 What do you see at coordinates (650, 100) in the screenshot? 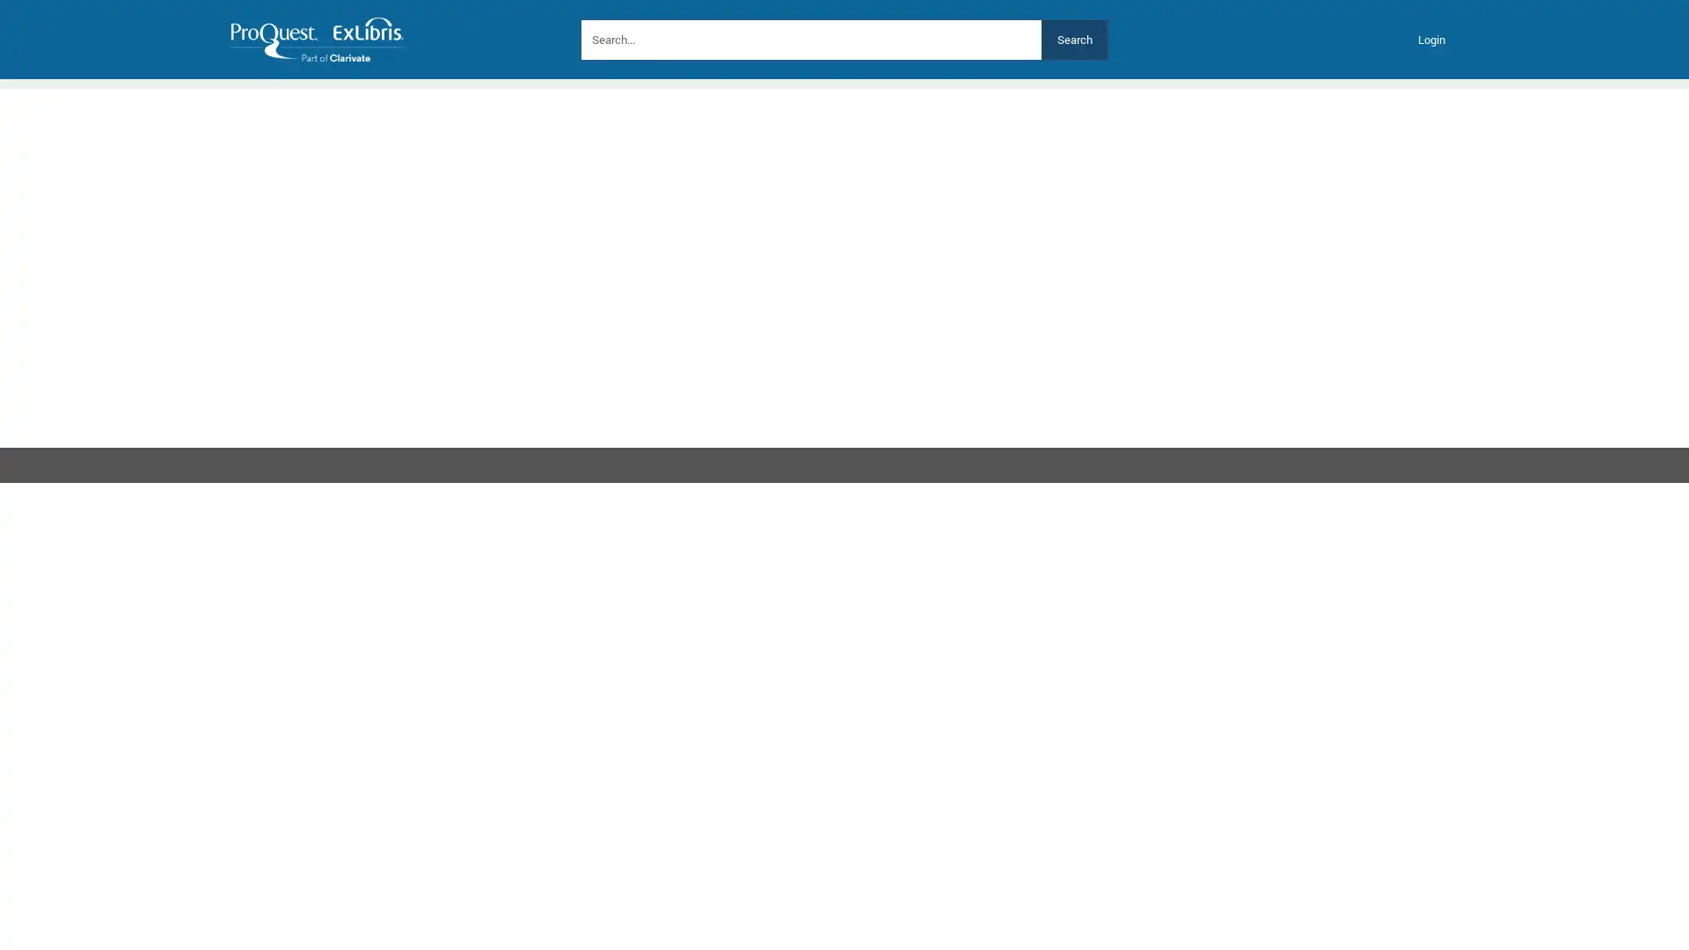
I see `Platform Status` at bounding box center [650, 100].